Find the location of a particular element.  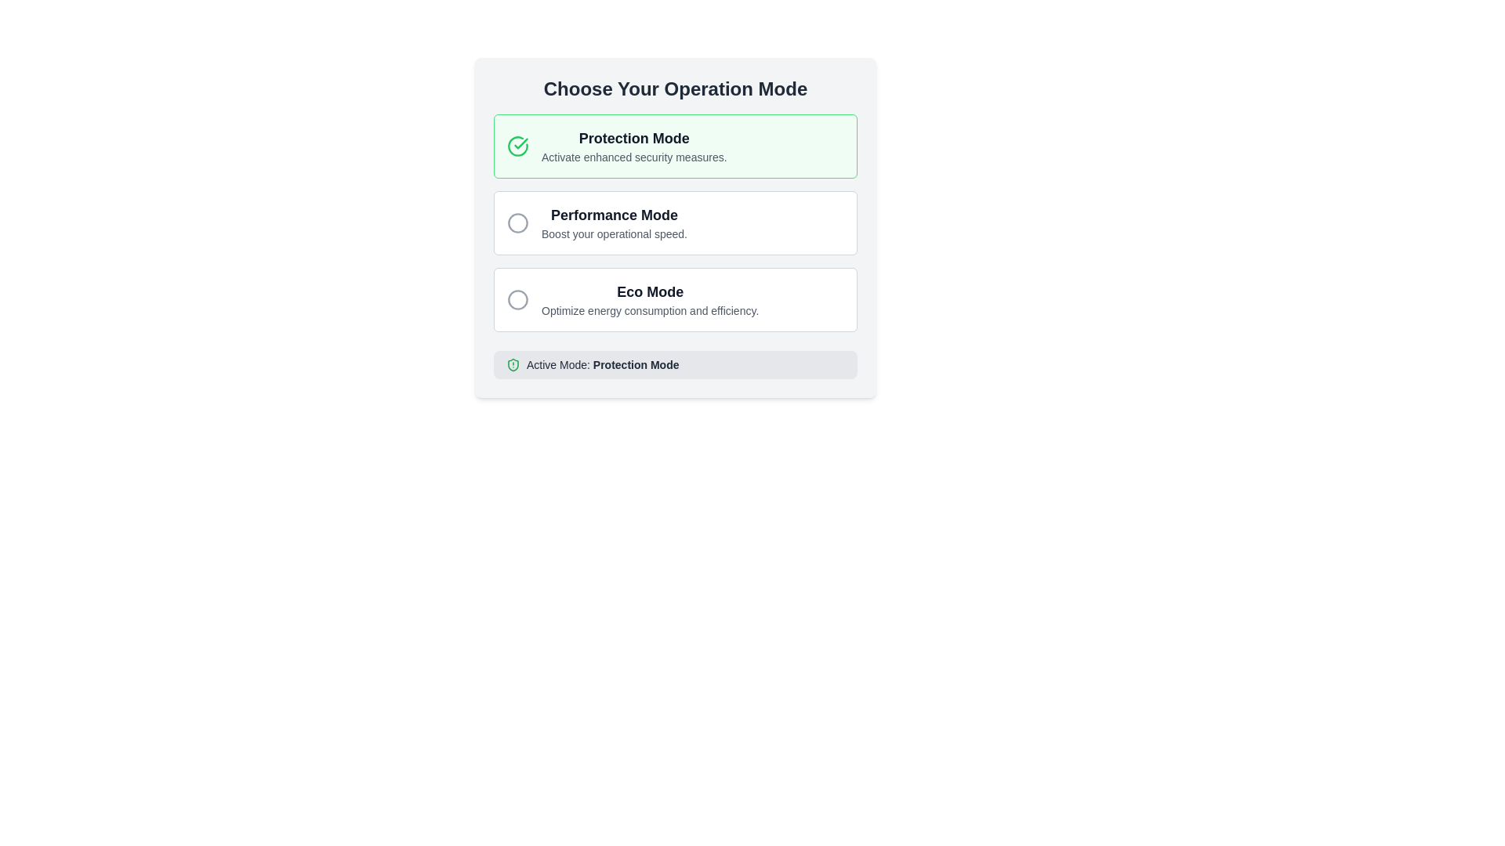

the 'Performance Mode' text label which is bold and dark gray, positioned between 'Protection Mode' and 'Eco Mode' under the heading 'Choose Your Operation Mode' is located at coordinates (613, 215).